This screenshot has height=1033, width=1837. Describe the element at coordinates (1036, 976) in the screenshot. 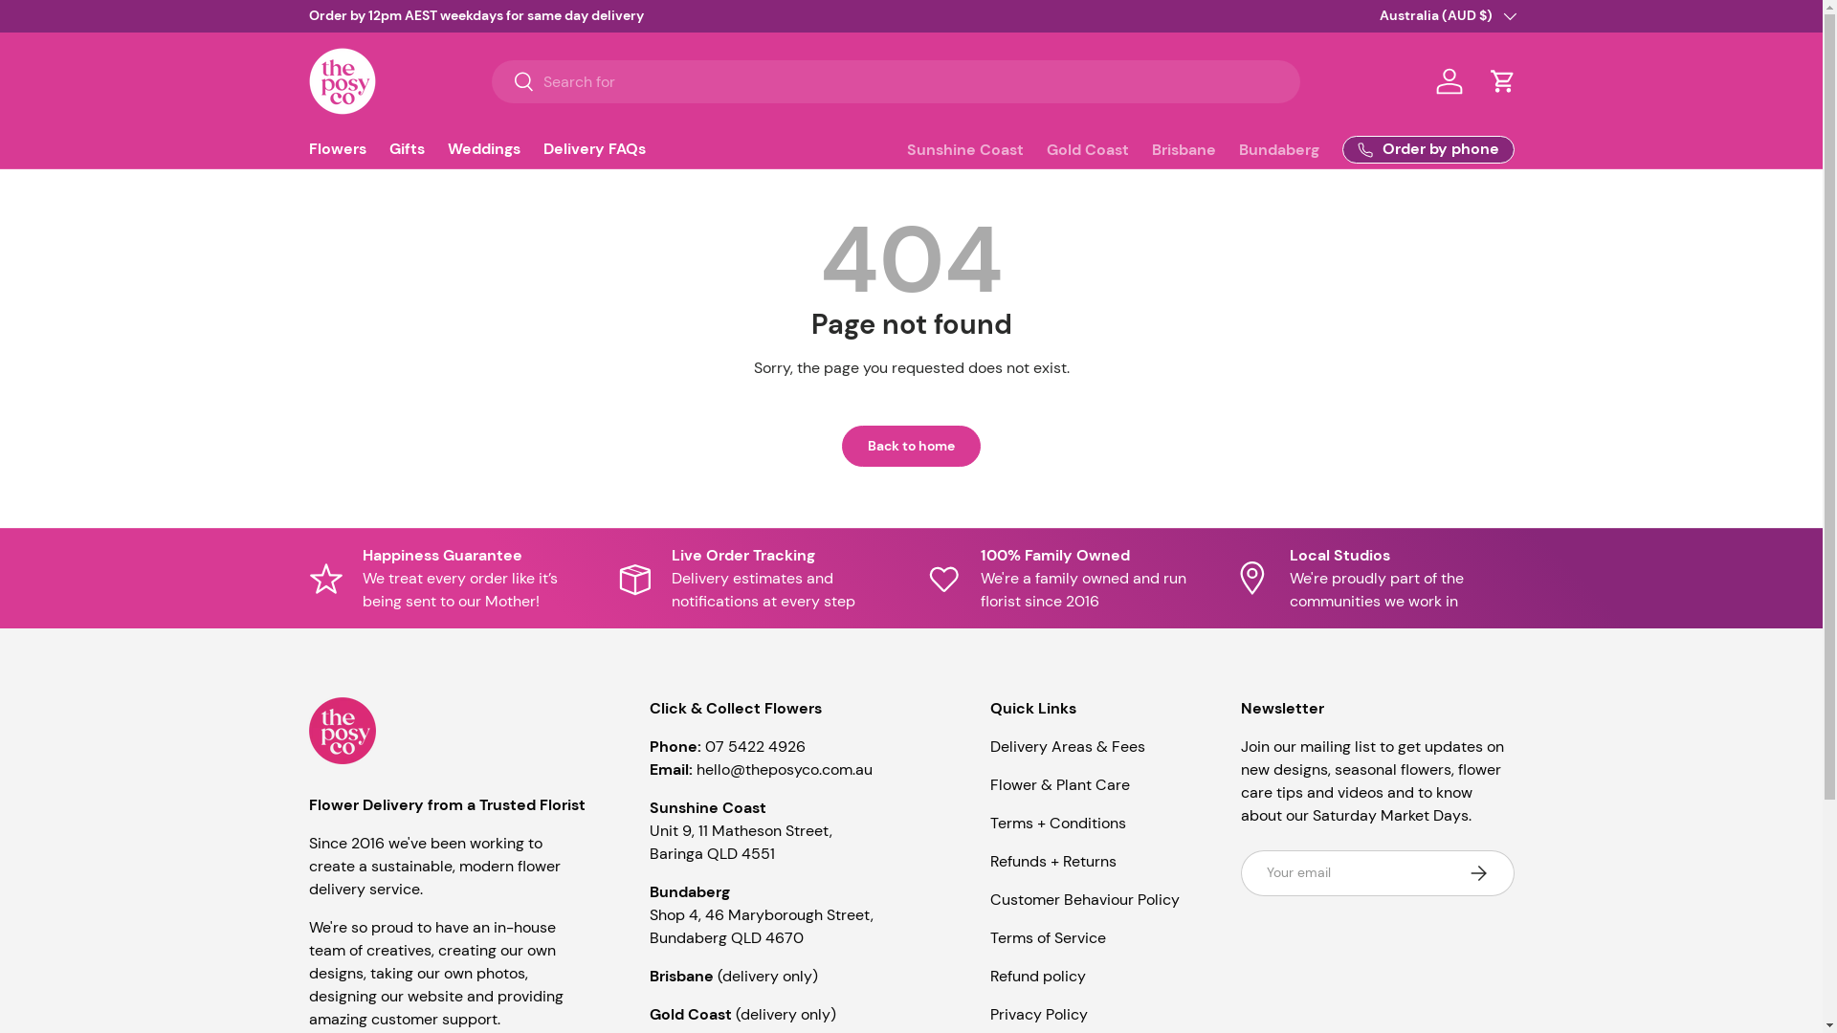

I see `'Refund policy'` at that location.